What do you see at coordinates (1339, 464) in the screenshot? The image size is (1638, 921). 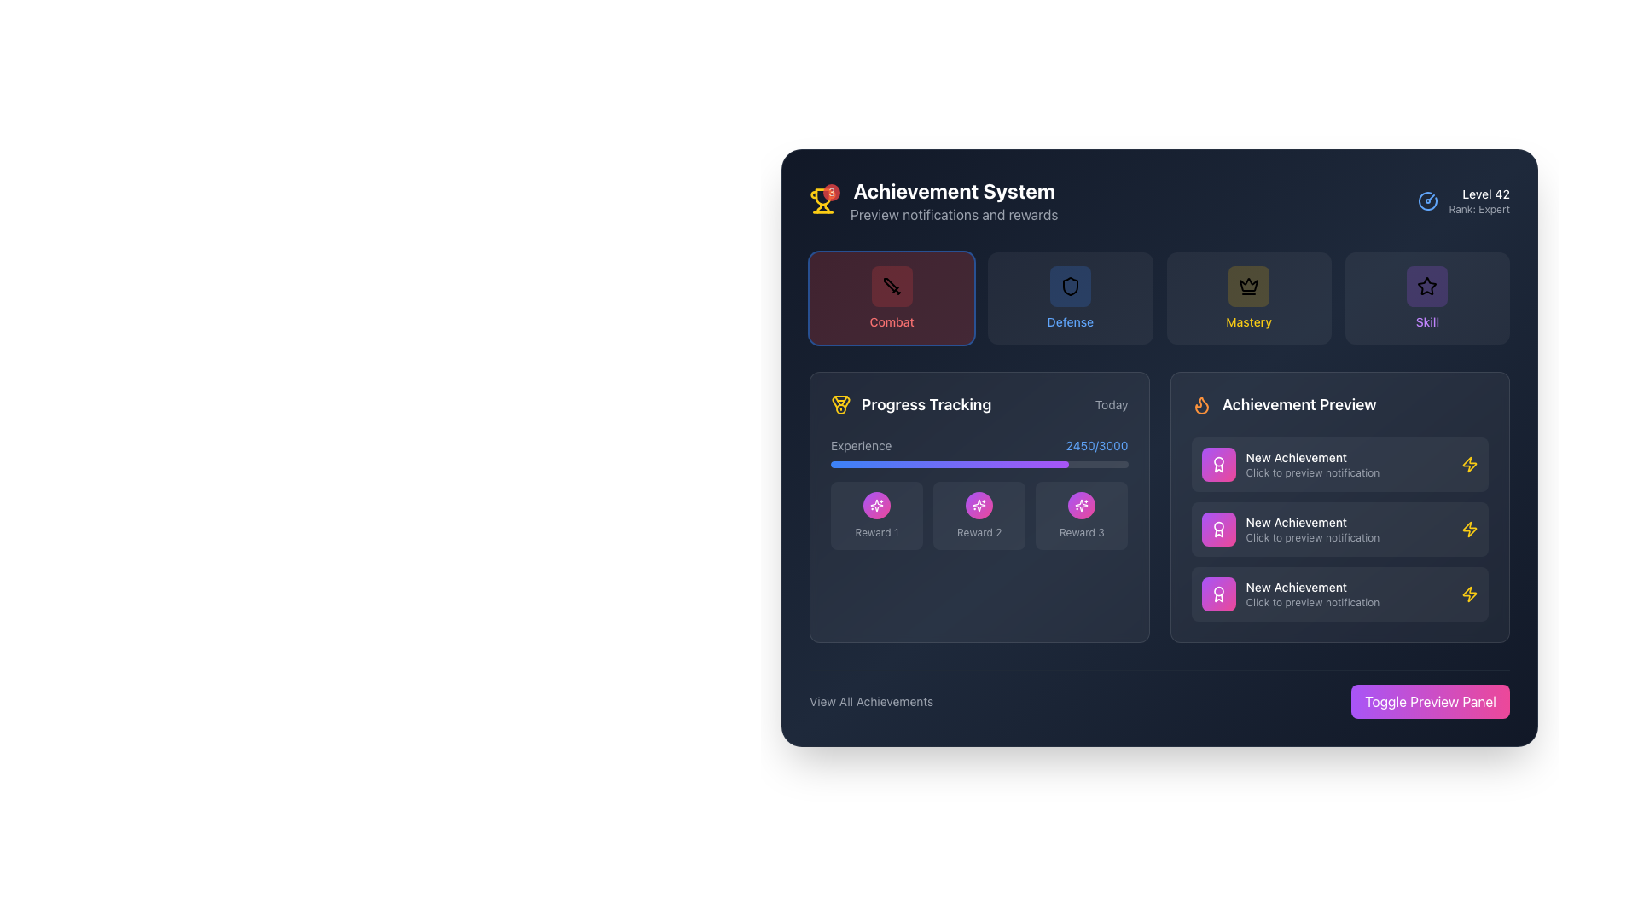 I see `the topmost notification button in the 'Achievement Preview' section` at bounding box center [1339, 464].